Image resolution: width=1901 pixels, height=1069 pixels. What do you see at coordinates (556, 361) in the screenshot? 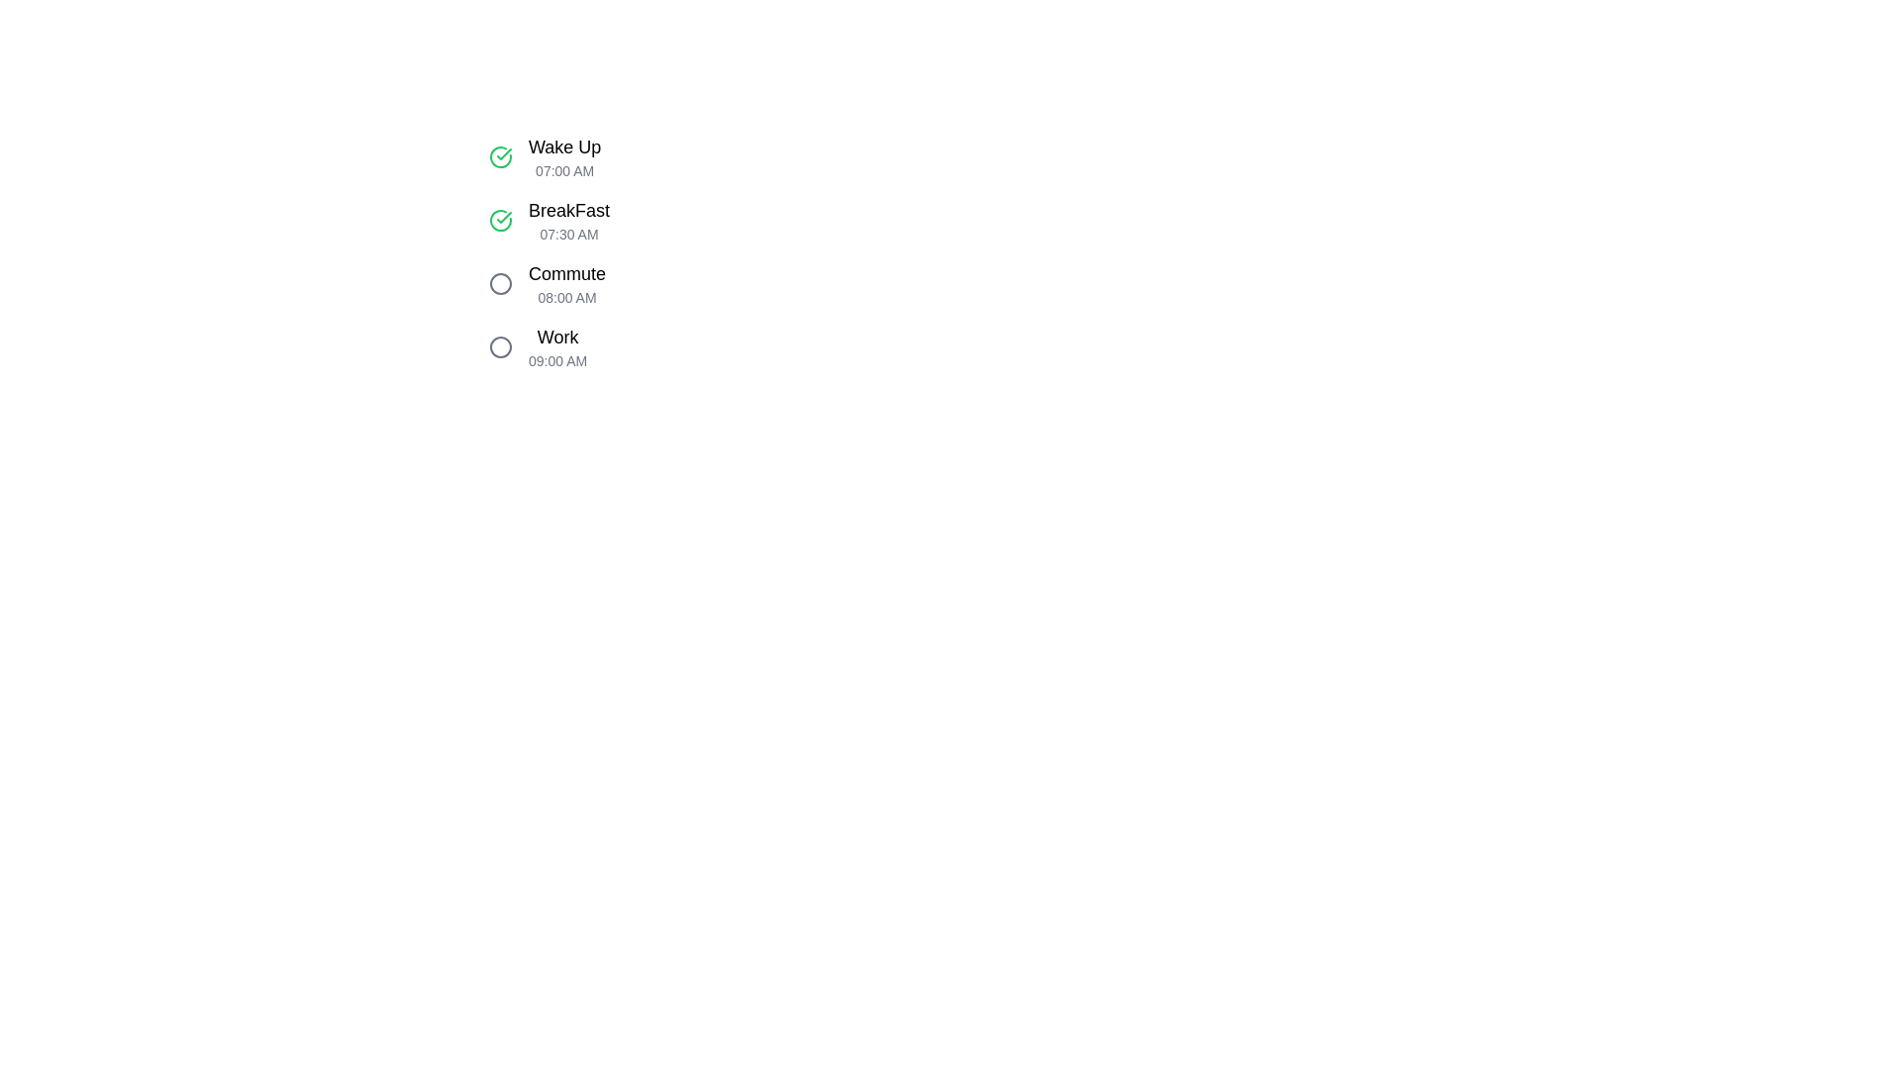
I see `the fourth time label in the timetable that represents the scheduled hour for the 'Work' activity, located beneath the 'Work' title` at bounding box center [556, 361].